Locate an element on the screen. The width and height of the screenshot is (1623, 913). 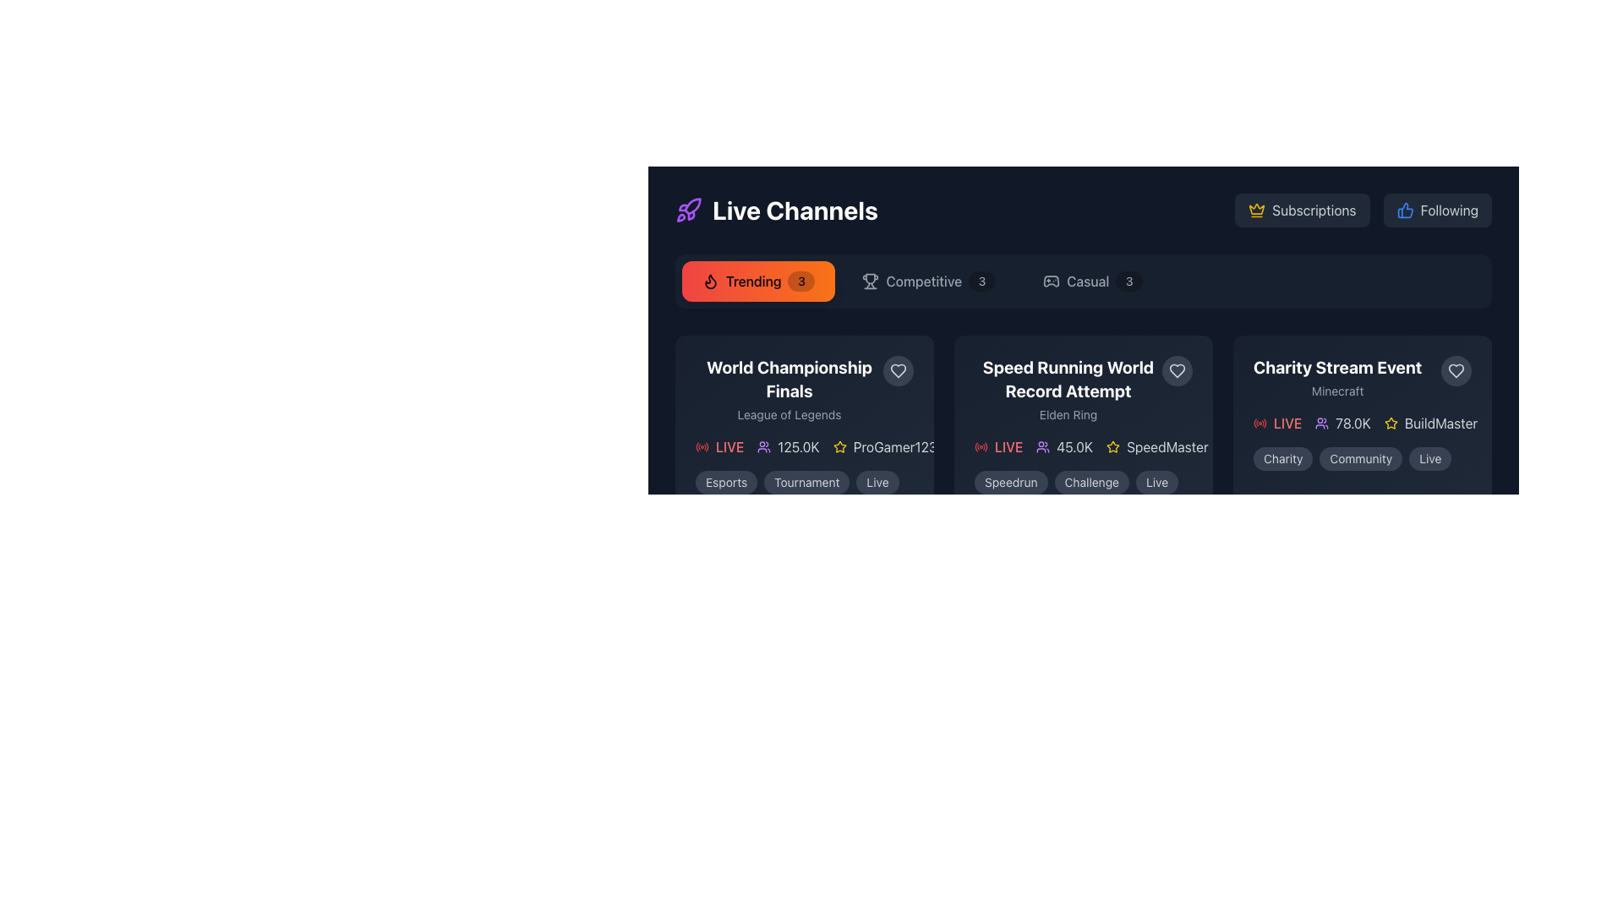
the number value '3' displayed in the rounded rectangular indicator labeled 'Casual' in the navigation toolbar is located at coordinates (1129, 280).